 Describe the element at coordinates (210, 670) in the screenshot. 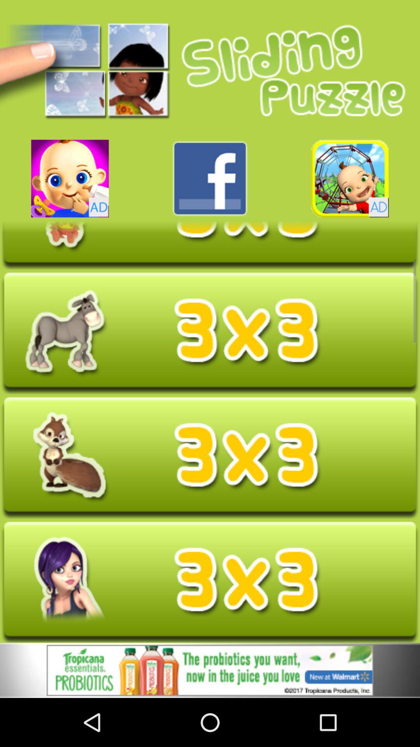

I see `advertisement banner icon` at that location.